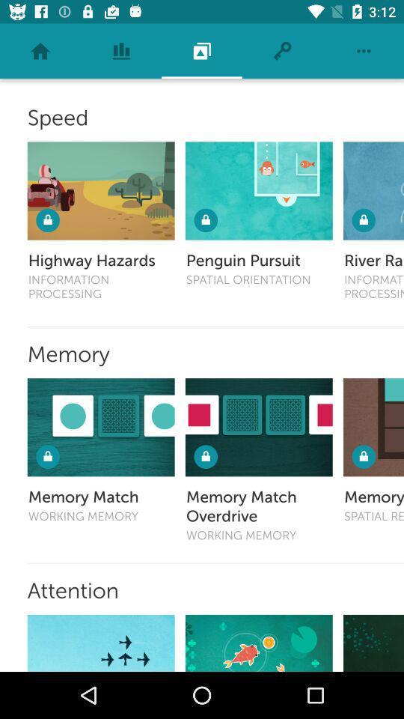 Image resolution: width=404 pixels, height=719 pixels. What do you see at coordinates (258, 189) in the screenshot?
I see `open speed game penguin persuit` at bounding box center [258, 189].